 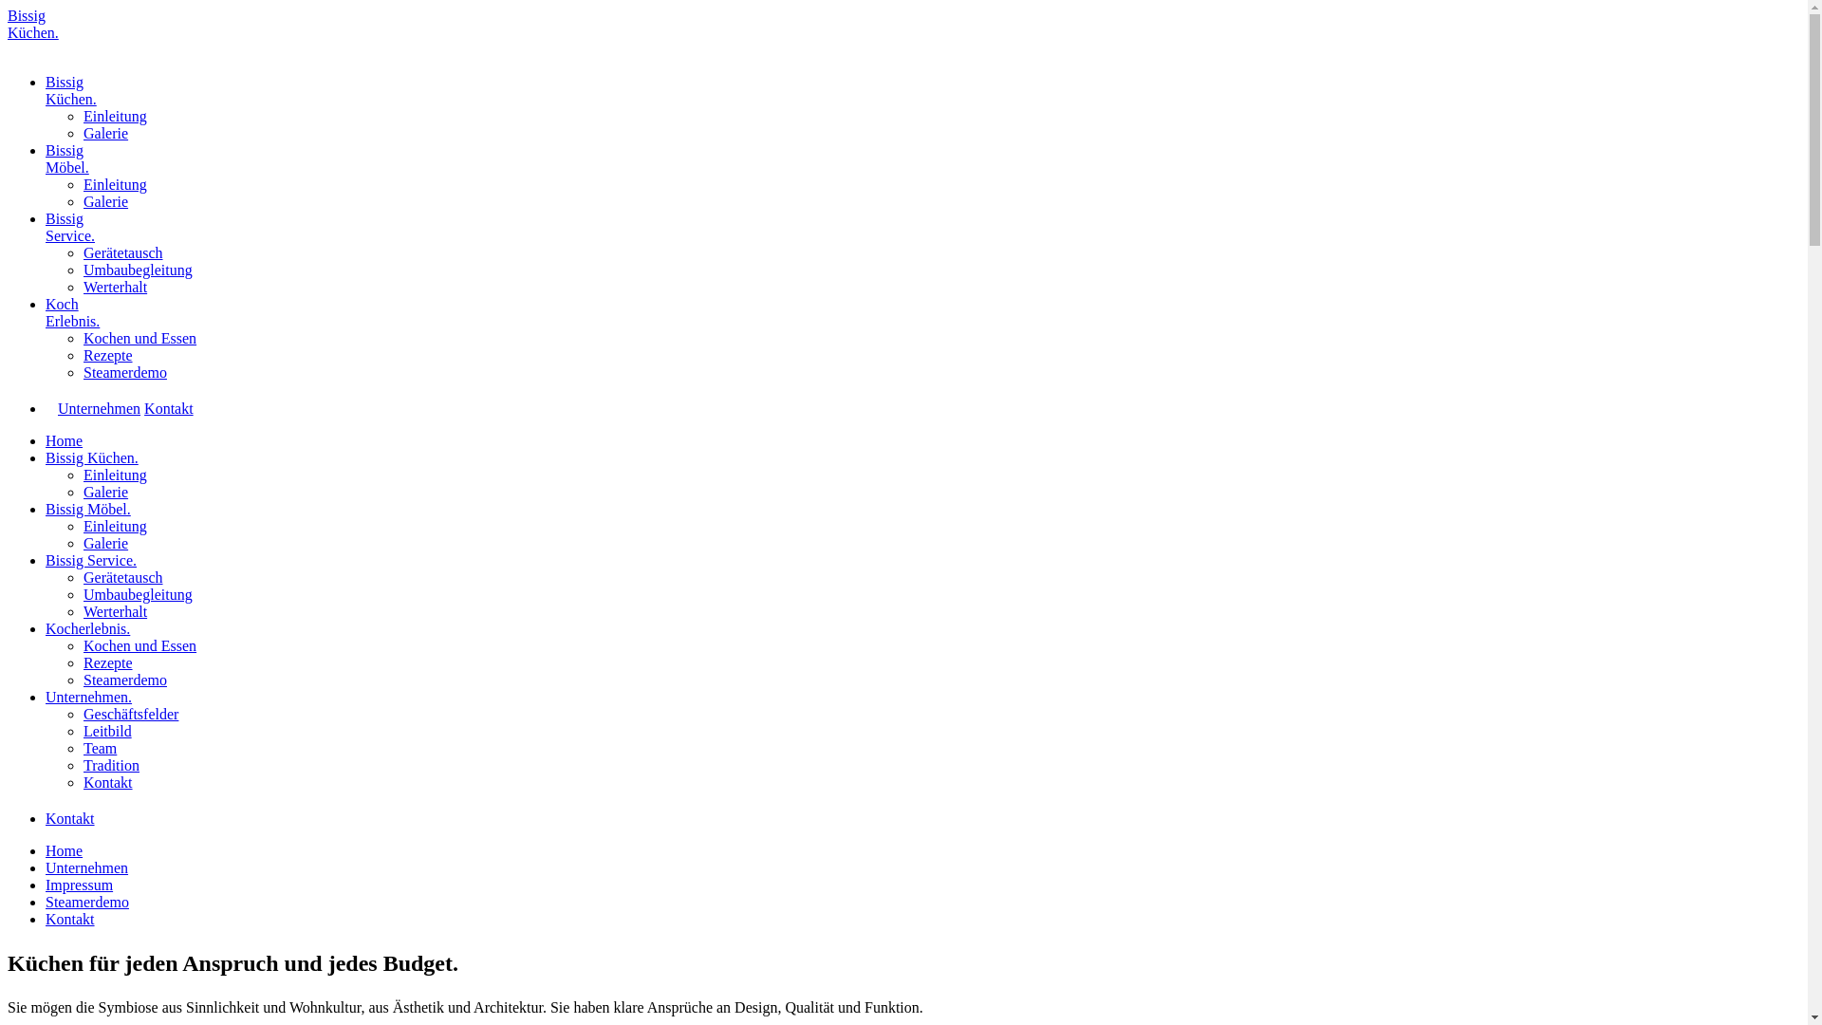 I want to click on 'Einleitung', so click(x=82, y=474).